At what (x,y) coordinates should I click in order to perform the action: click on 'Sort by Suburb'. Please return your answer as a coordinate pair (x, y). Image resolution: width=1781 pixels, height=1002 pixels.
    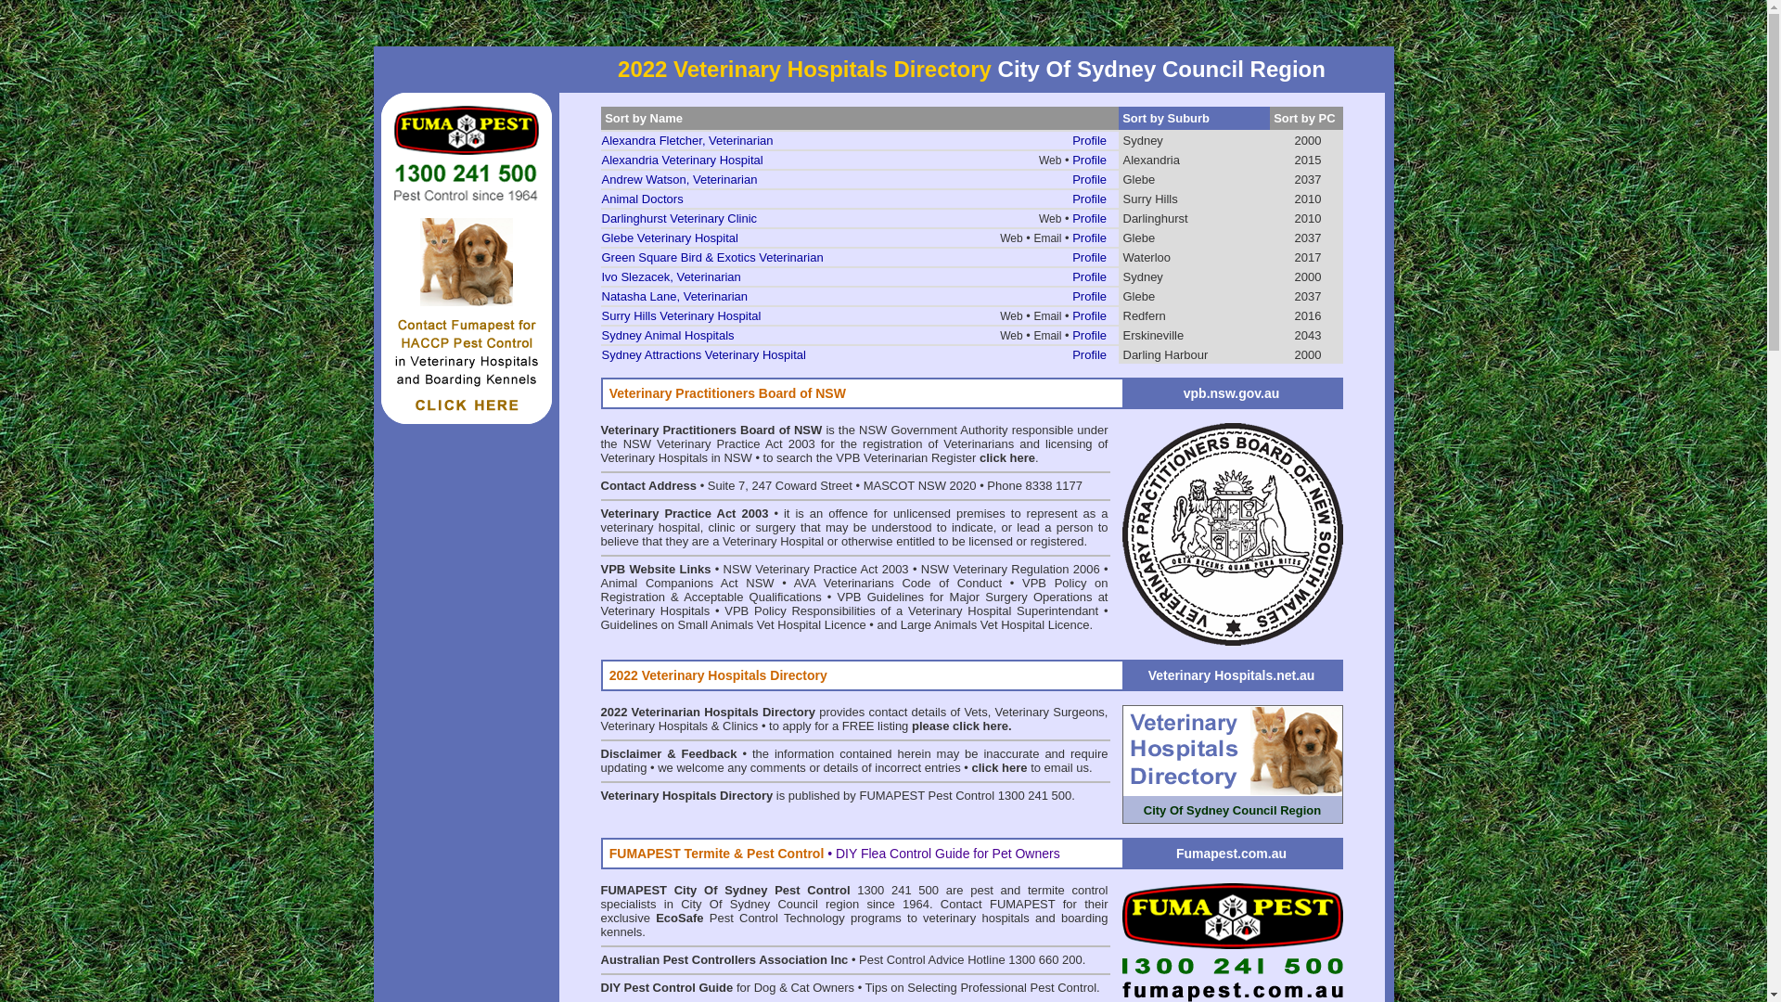
    Looking at the image, I should click on (1165, 118).